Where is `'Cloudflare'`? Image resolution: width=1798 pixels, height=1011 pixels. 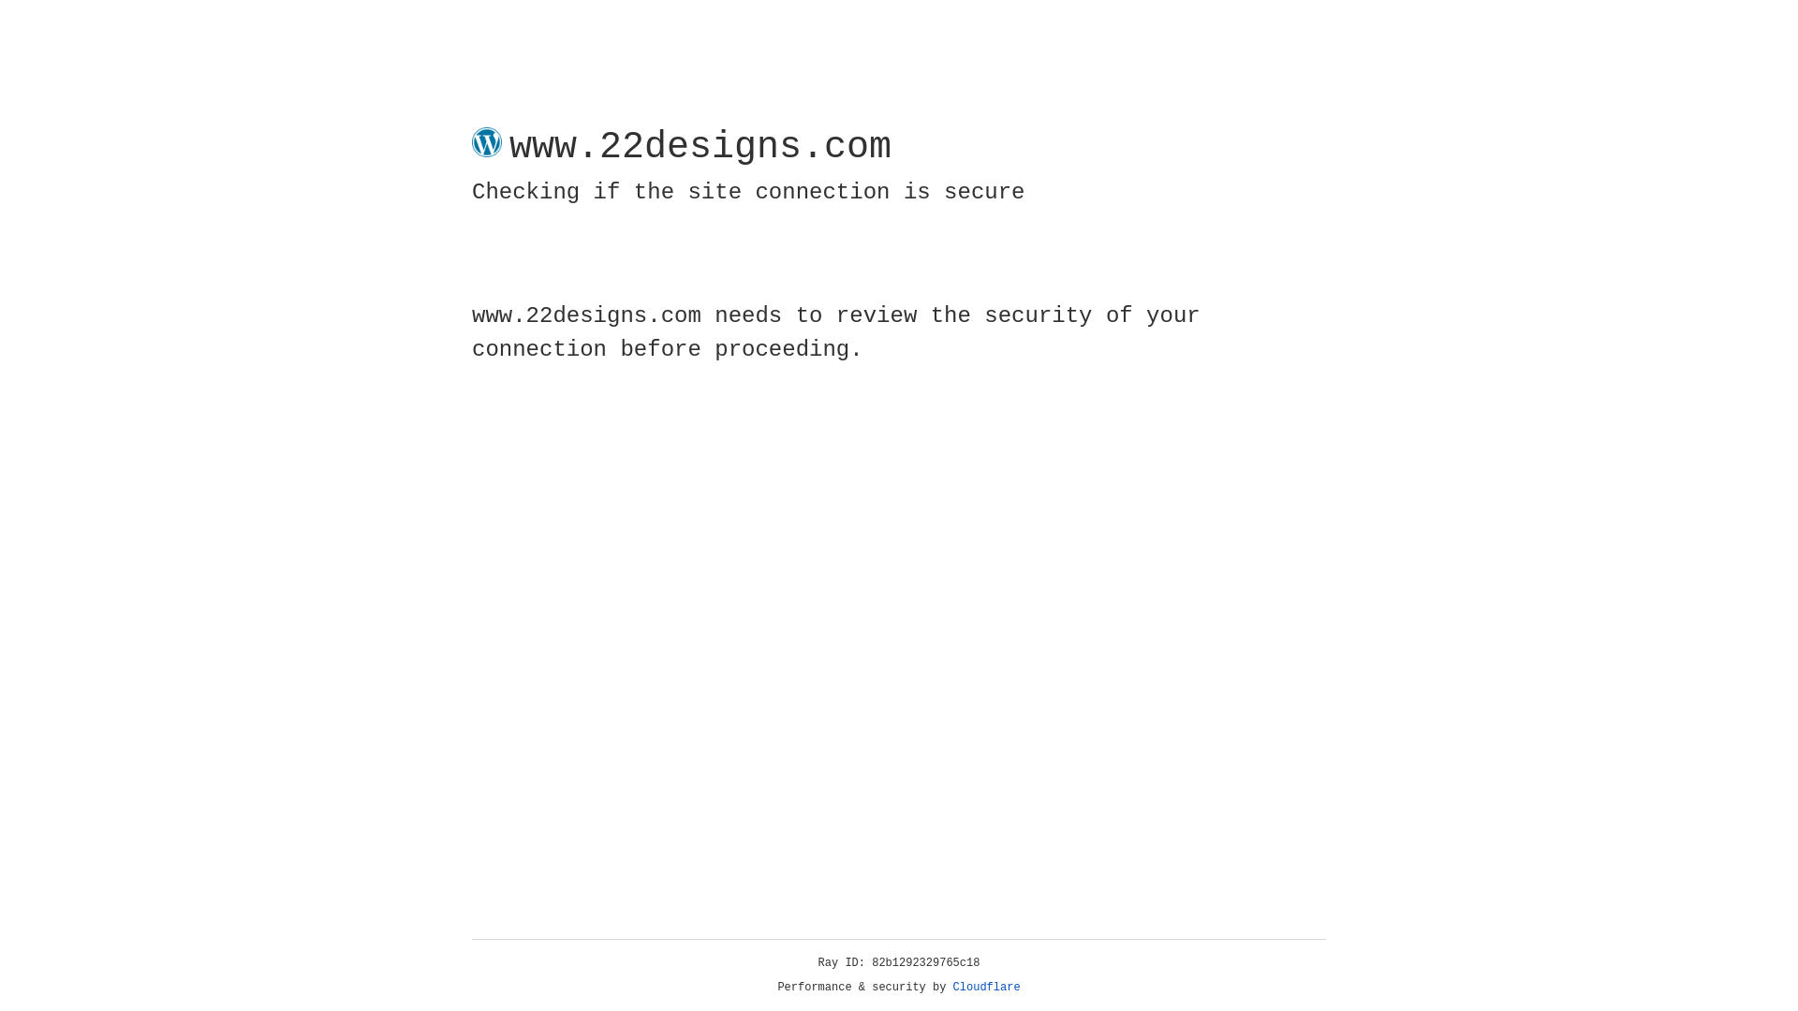 'Cloudflare' is located at coordinates (986, 987).